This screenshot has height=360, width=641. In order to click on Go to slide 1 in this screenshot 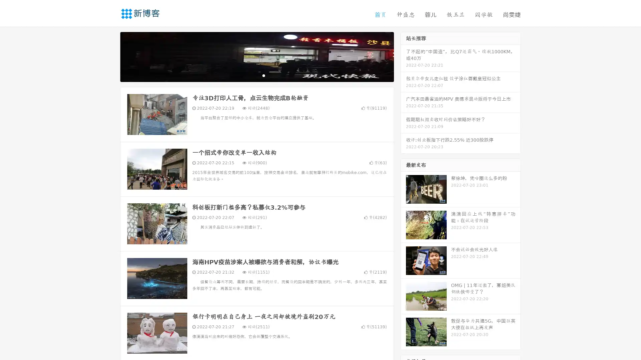, I will do `click(250, 75)`.